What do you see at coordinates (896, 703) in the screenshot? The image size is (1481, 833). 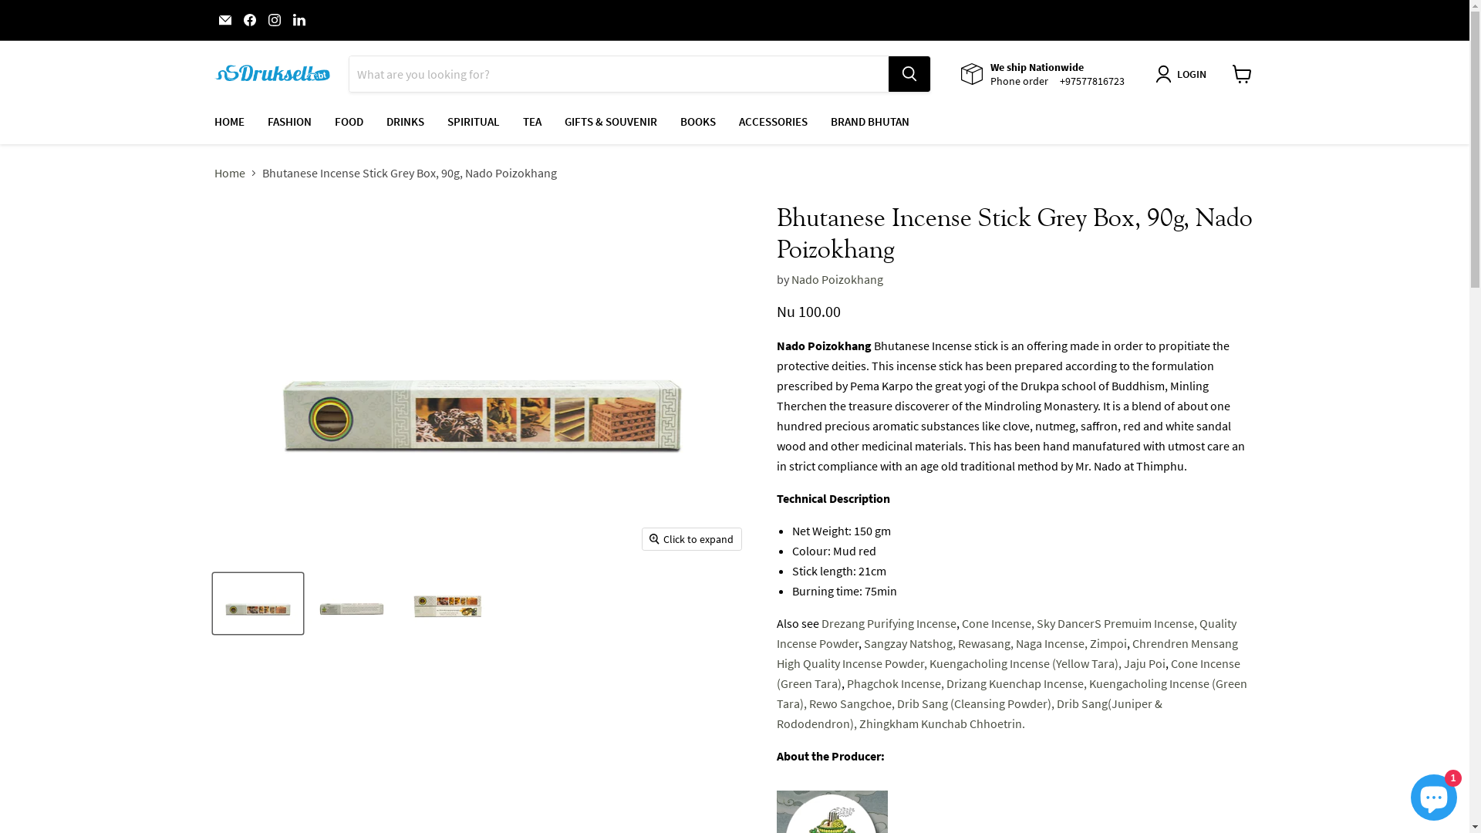 I see `'Drib Sang (Cleansing Powder),'` at bounding box center [896, 703].